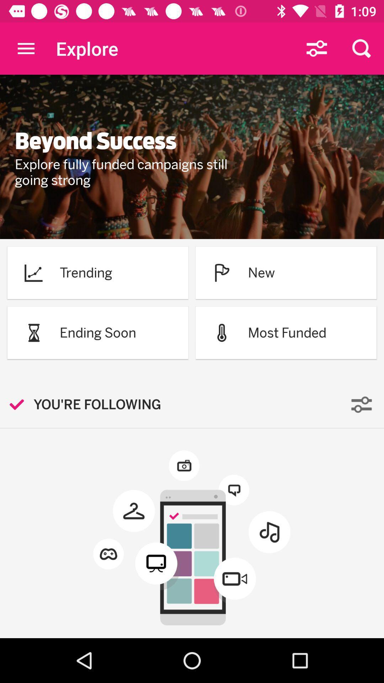 Image resolution: width=384 pixels, height=683 pixels. Describe the element at coordinates (130, 172) in the screenshot. I see `the item below beyond success item` at that location.